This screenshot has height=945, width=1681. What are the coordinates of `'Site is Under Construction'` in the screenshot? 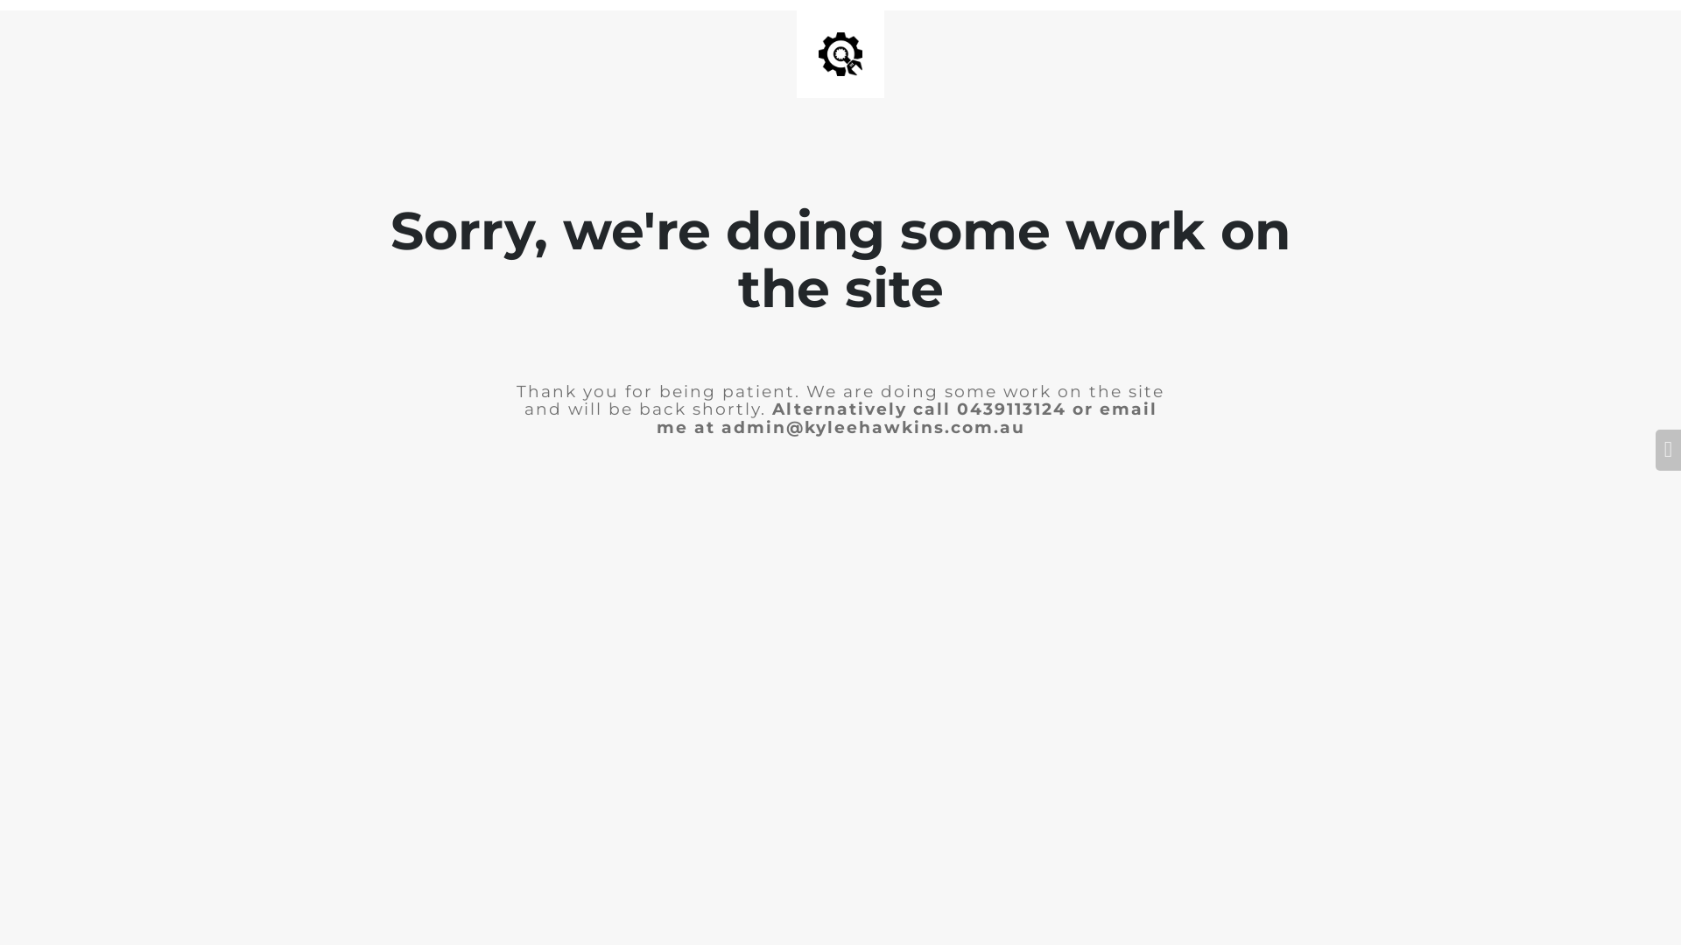 It's located at (840, 52).